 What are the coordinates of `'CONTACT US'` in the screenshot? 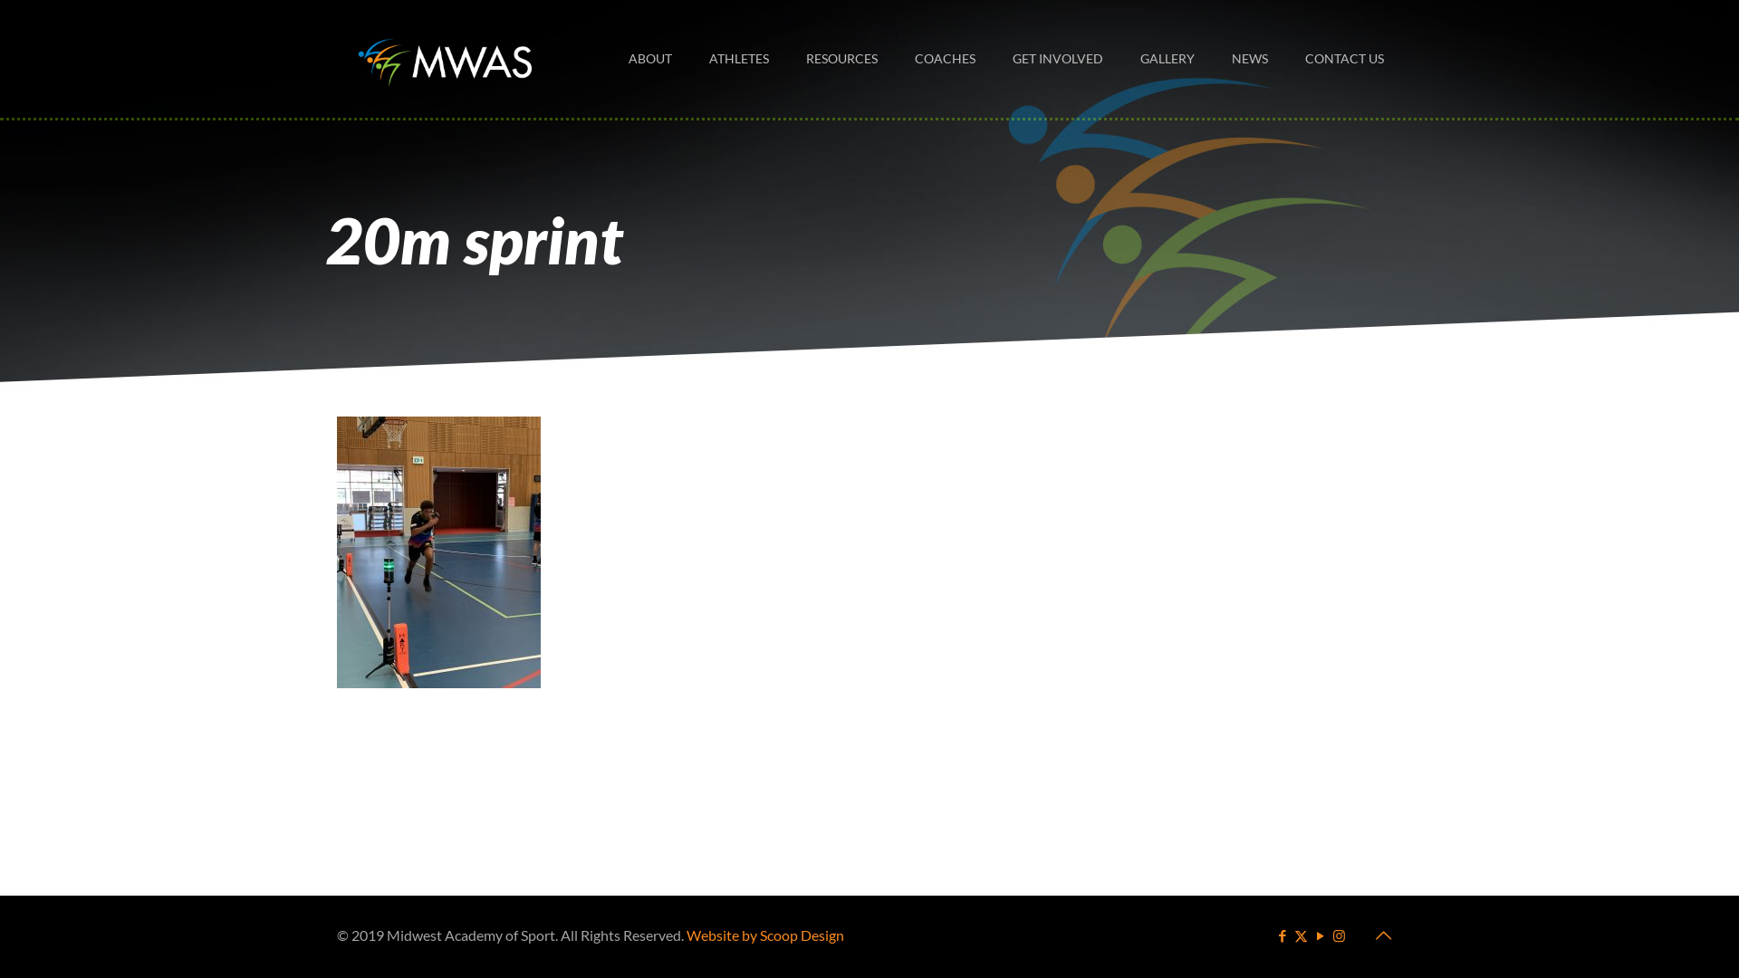 It's located at (1285, 58).